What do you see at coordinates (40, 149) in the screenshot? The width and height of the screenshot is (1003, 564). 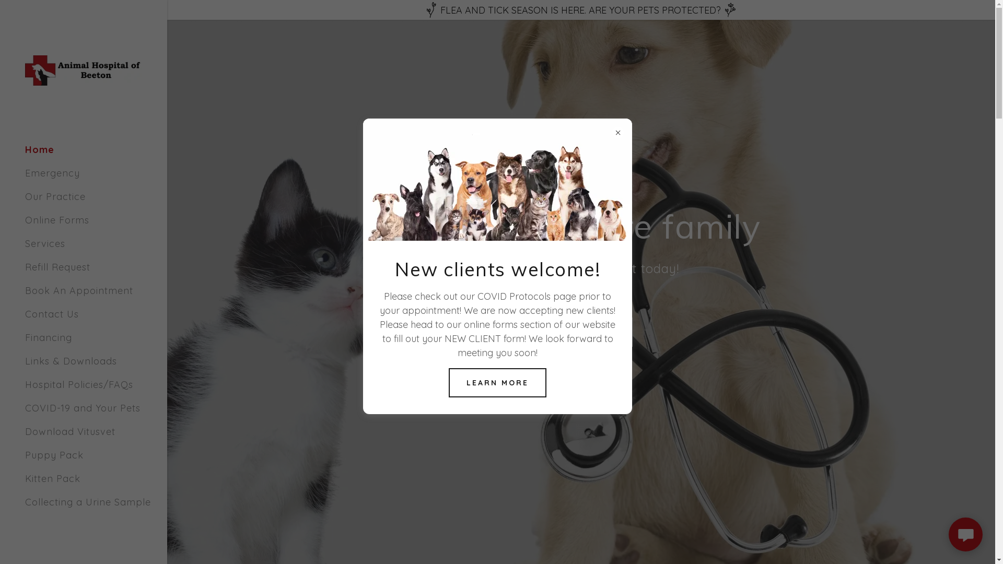 I see `'Home'` at bounding box center [40, 149].